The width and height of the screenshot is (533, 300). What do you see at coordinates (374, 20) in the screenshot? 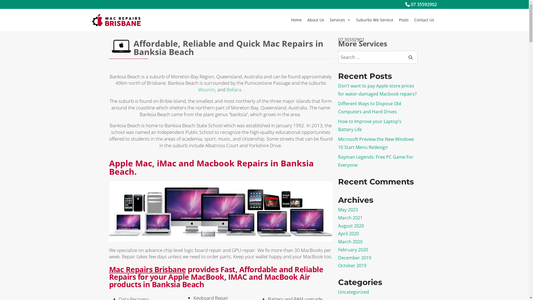
I see `'Suburbs We Service'` at bounding box center [374, 20].